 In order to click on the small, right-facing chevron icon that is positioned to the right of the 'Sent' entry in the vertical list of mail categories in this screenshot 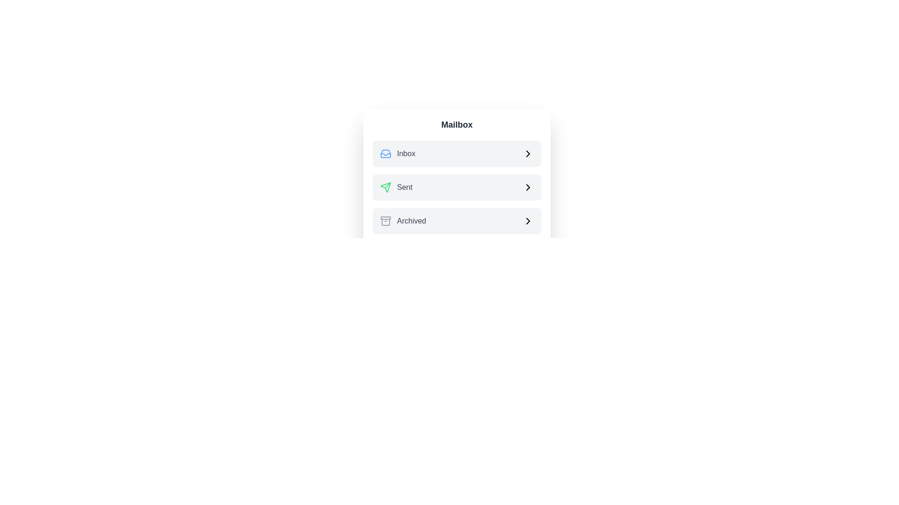, I will do `click(528, 188)`.